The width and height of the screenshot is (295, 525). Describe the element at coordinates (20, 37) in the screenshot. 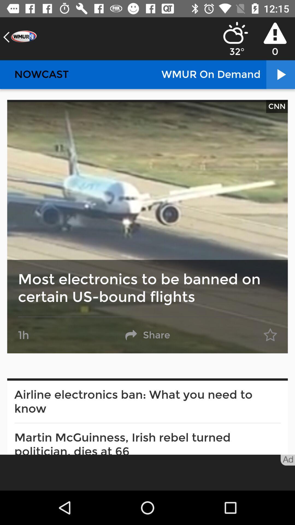

I see `the arrow_backward icon` at that location.